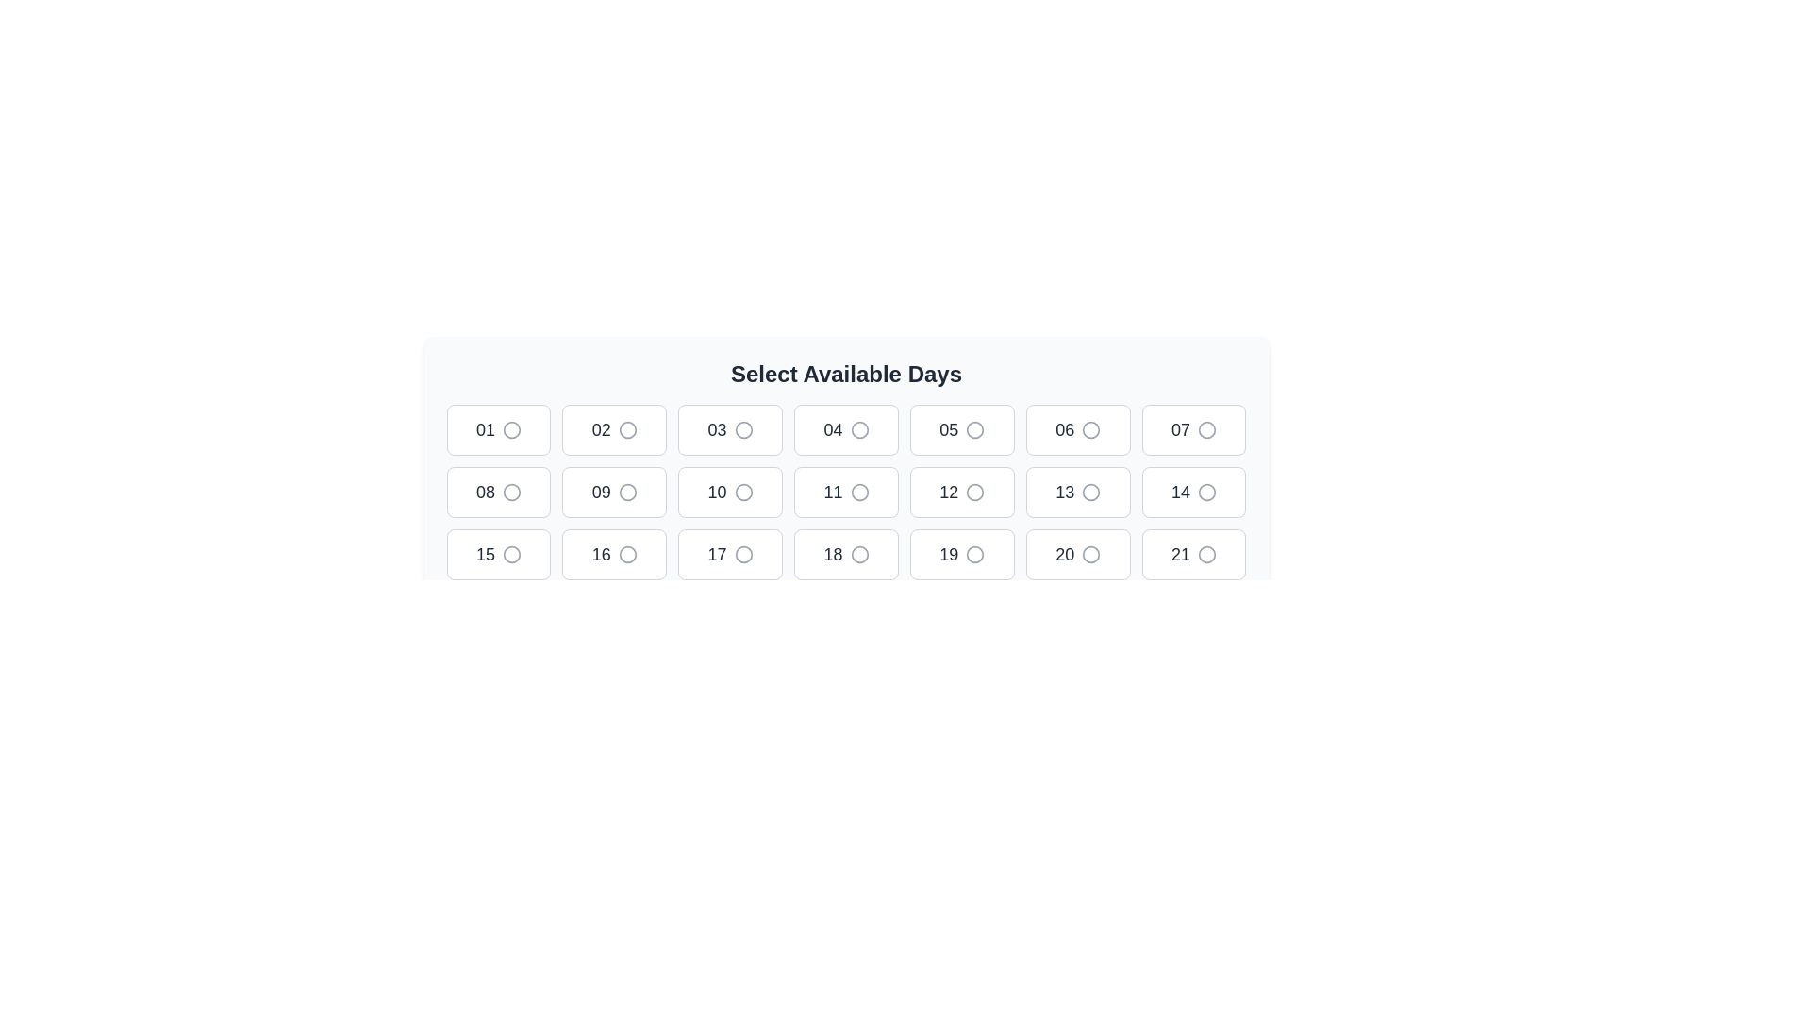 Image resolution: width=1811 pixels, height=1019 pixels. I want to click on the radio button indicator for day 19 in the 'Select Available Days' interface, so click(975, 553).